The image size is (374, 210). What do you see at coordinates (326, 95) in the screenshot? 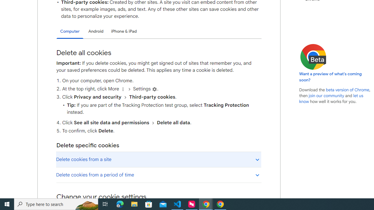
I see `'join our community'` at bounding box center [326, 95].